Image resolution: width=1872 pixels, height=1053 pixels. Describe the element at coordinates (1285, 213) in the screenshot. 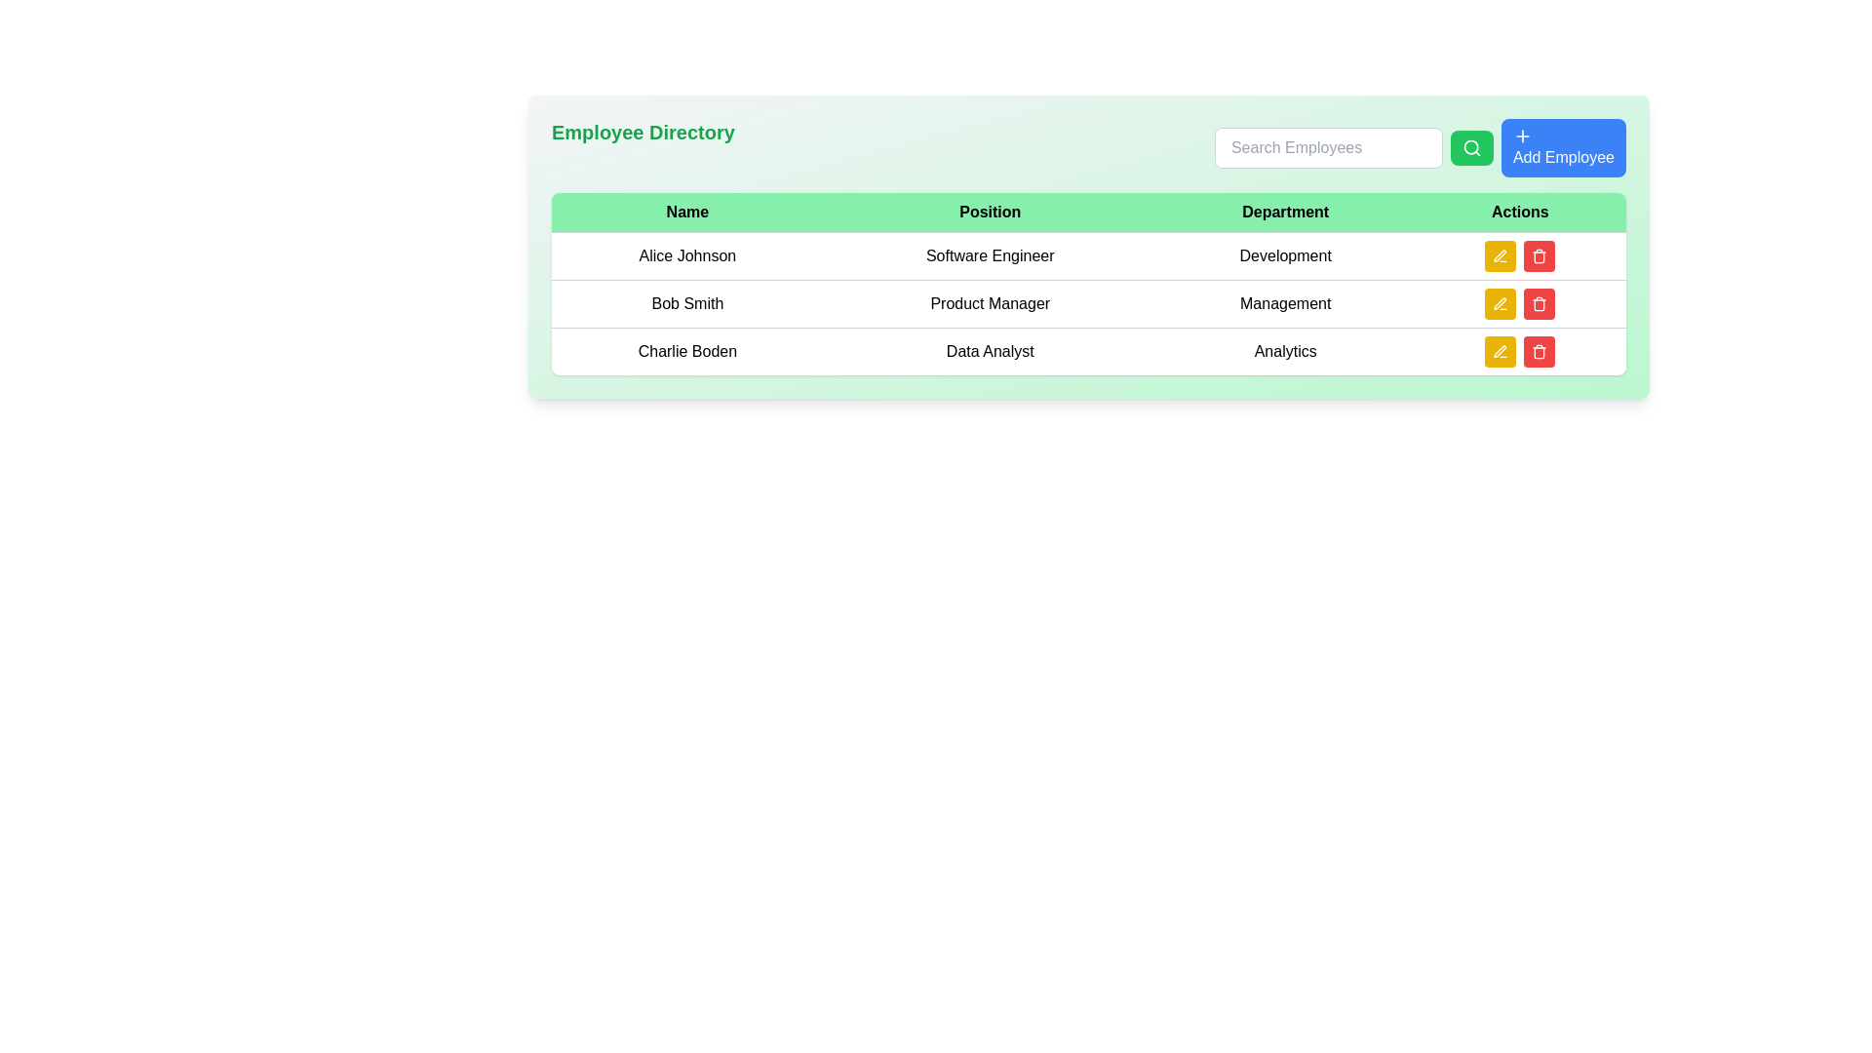

I see `the non-interactive text label displaying 'Department' in the header row of the table, styled in black font against a green background` at that location.